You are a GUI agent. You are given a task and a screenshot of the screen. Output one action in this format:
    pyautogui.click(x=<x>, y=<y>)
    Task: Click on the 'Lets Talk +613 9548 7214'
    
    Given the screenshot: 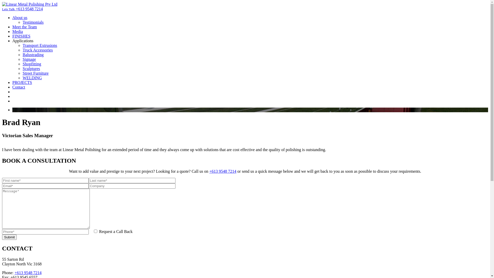 What is the action you would take?
    pyautogui.click(x=2, y=9)
    